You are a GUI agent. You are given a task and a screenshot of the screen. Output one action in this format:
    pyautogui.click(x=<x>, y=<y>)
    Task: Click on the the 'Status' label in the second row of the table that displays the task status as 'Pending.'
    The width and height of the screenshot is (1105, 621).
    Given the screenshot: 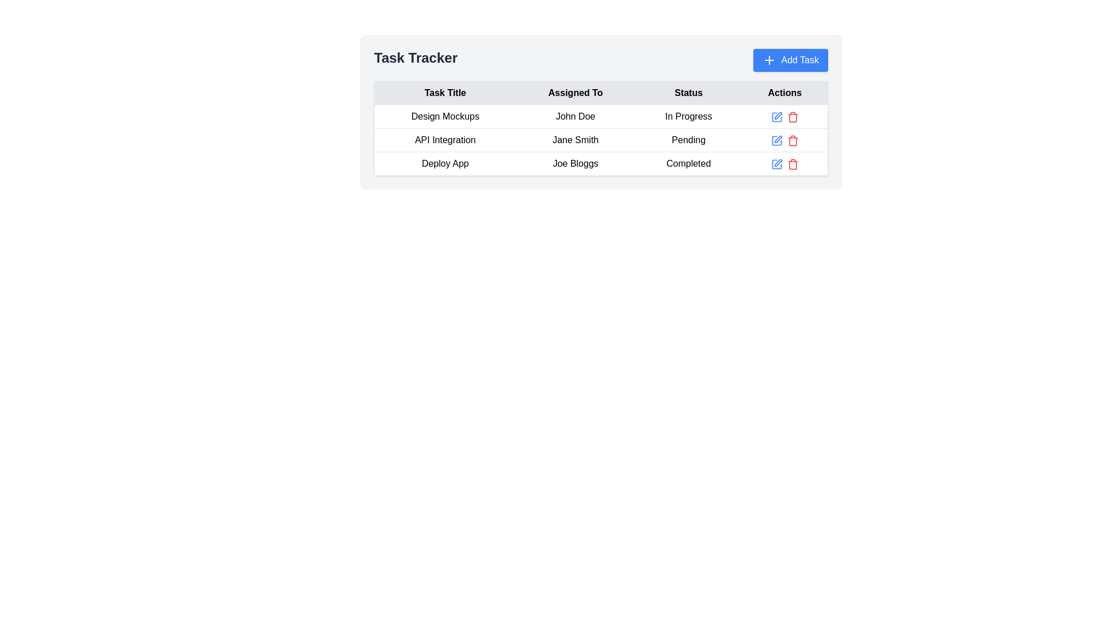 What is the action you would take?
    pyautogui.click(x=688, y=139)
    